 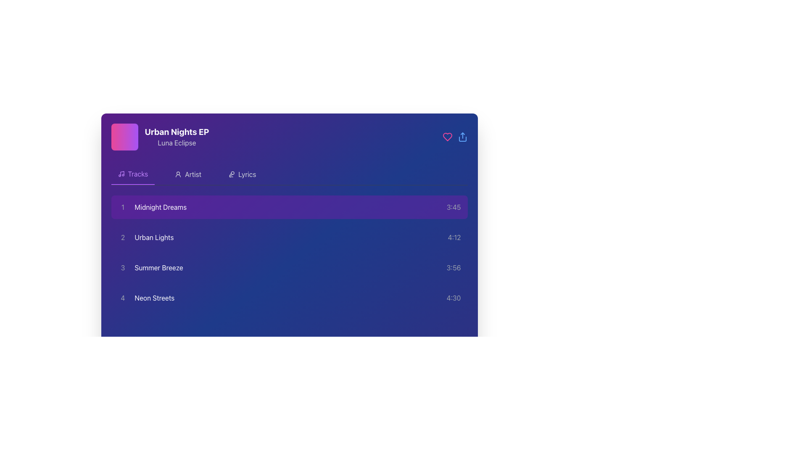 What do you see at coordinates (454, 237) in the screenshot?
I see `the static text label displaying '4:12', which is positioned on the right side of the 'Urban Lights' list item in the playlist` at bounding box center [454, 237].